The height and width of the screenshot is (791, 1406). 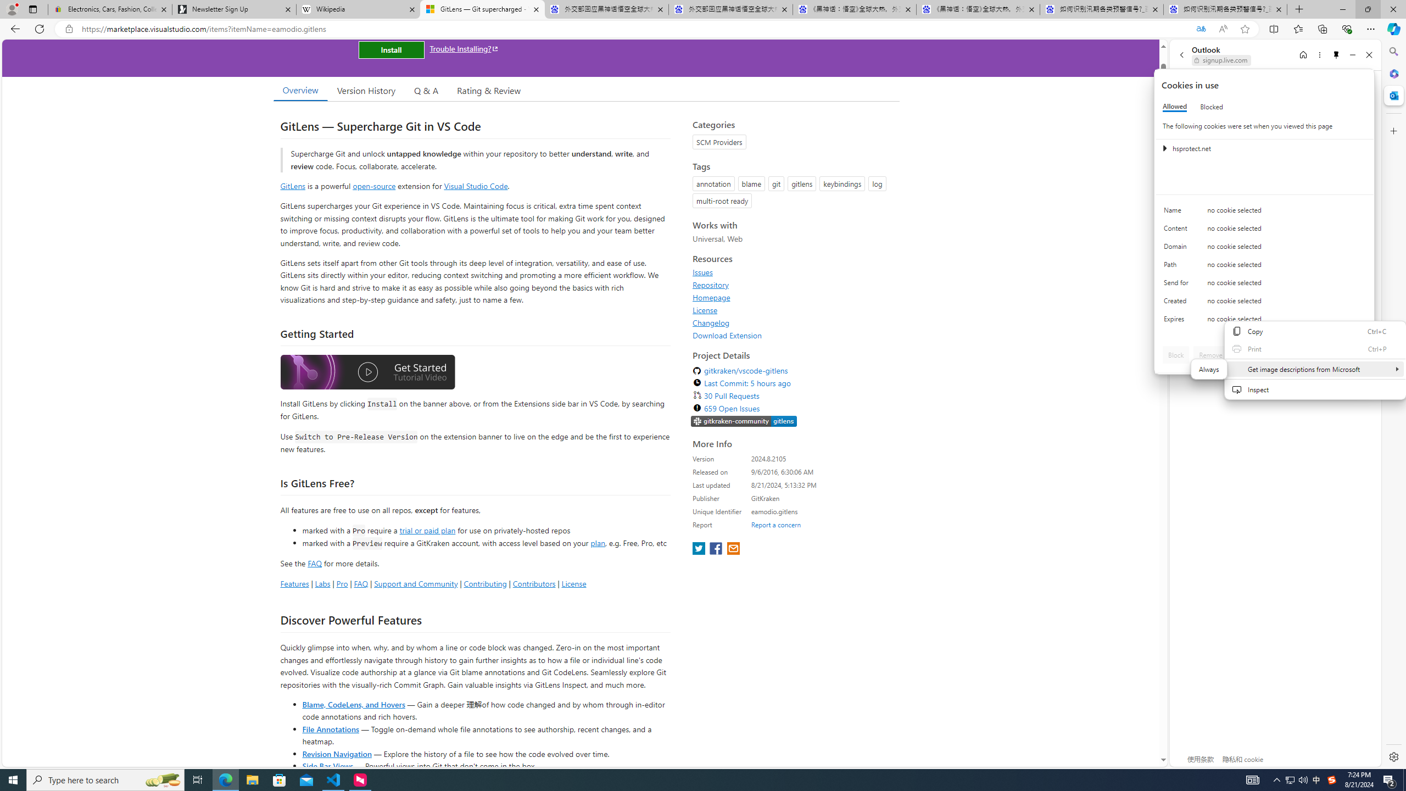 What do you see at coordinates (1314, 349) in the screenshot?
I see `'Print'` at bounding box center [1314, 349].